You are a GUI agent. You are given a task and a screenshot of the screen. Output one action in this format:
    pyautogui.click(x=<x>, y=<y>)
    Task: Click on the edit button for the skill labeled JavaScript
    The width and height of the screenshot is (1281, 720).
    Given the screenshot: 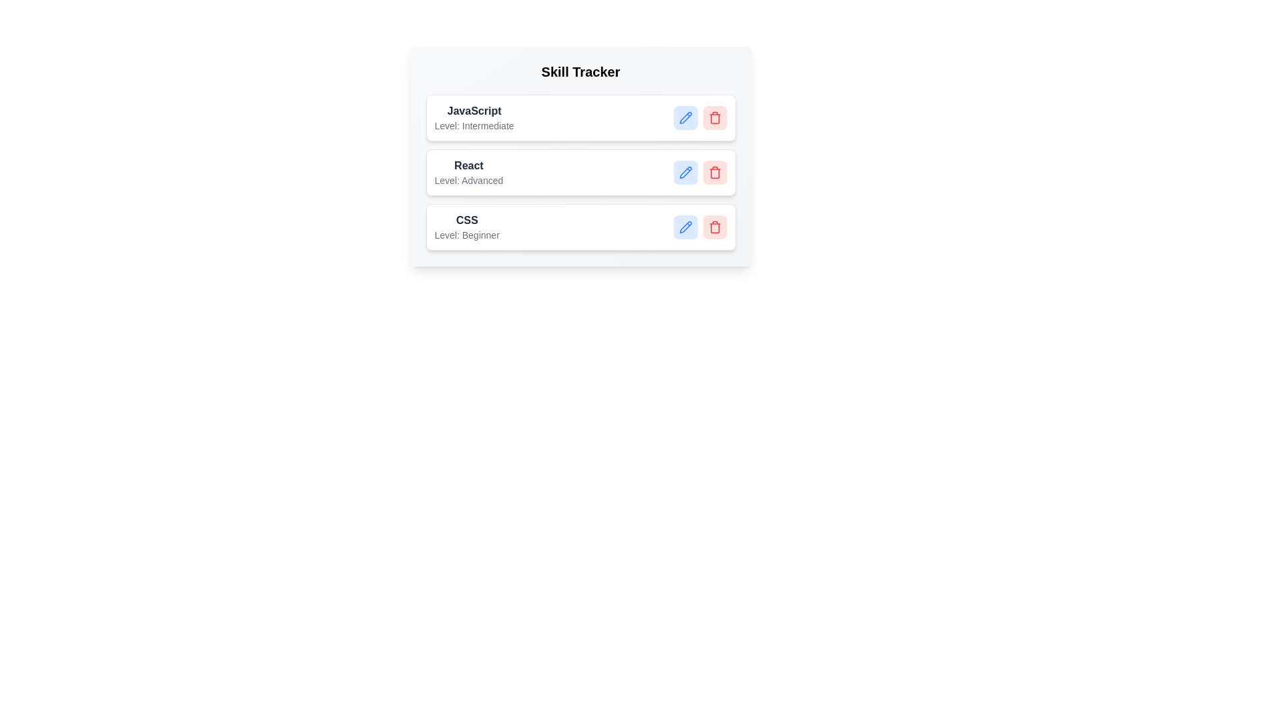 What is the action you would take?
    pyautogui.click(x=685, y=117)
    